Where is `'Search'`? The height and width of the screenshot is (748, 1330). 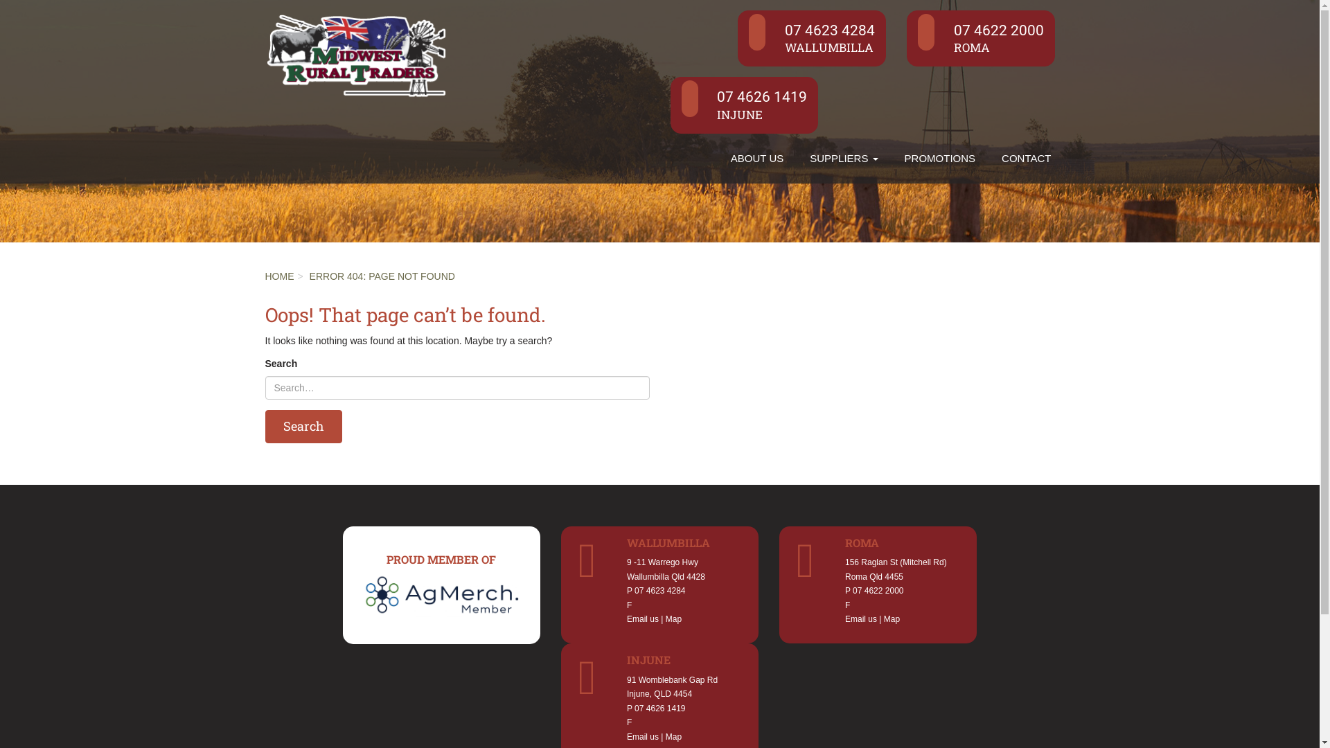
'Search' is located at coordinates (265, 426).